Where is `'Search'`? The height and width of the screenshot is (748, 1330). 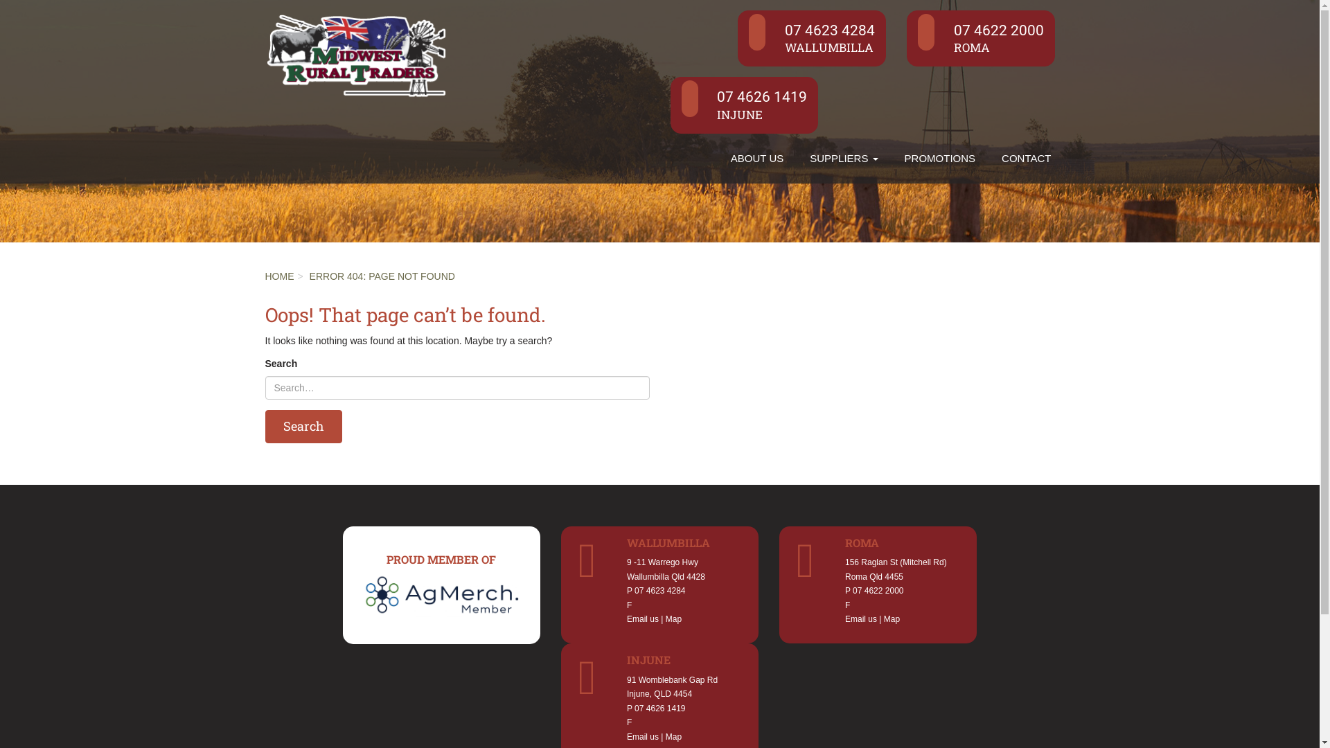
'Search' is located at coordinates (265, 426).